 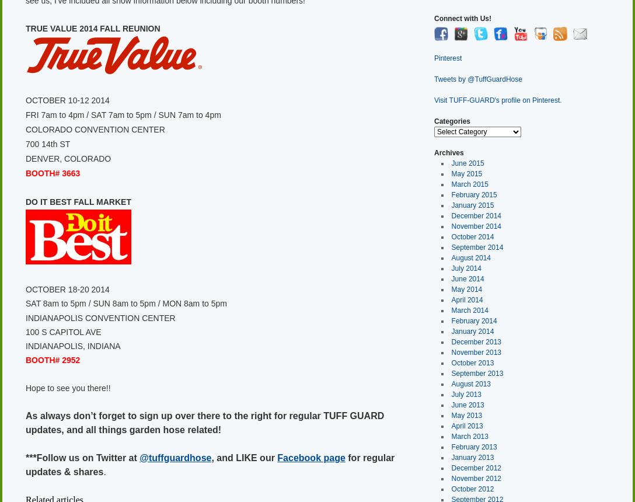 I want to click on 'Categories', so click(x=451, y=120).